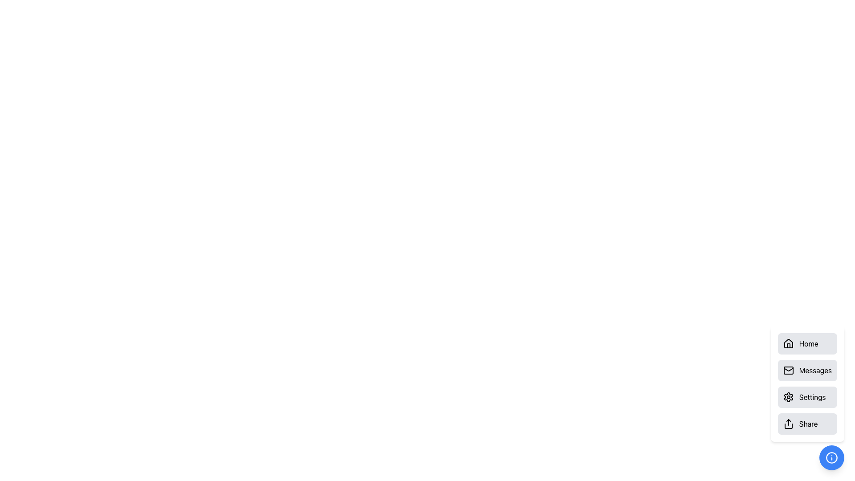  Describe the element at coordinates (788, 424) in the screenshot. I see `the 'Share' button icon located on the far bottom right of the main content area, which is part of a vertical navigation menu with a rounded gray background` at that location.